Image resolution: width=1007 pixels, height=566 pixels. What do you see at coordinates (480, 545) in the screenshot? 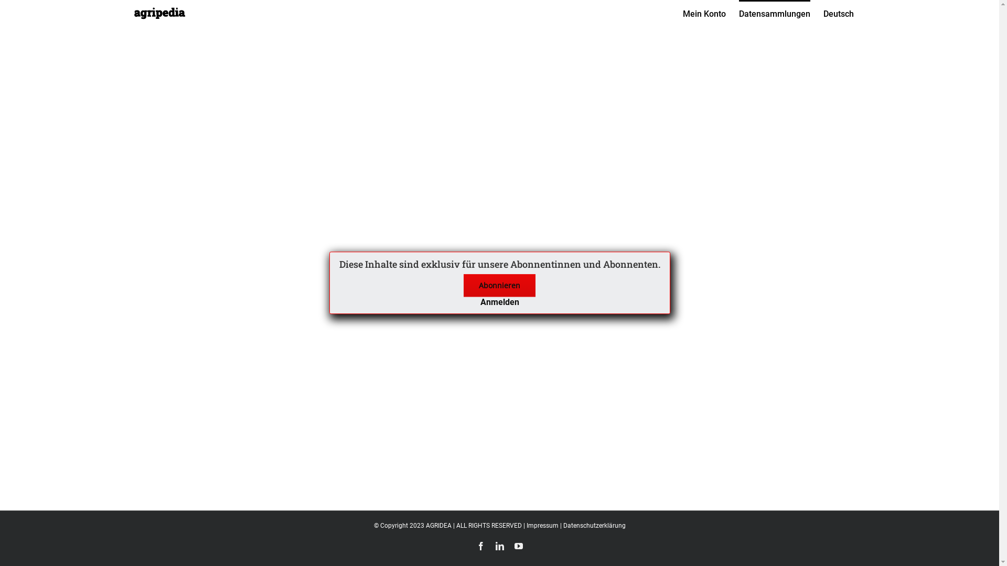
I see `'Facebook'` at bounding box center [480, 545].